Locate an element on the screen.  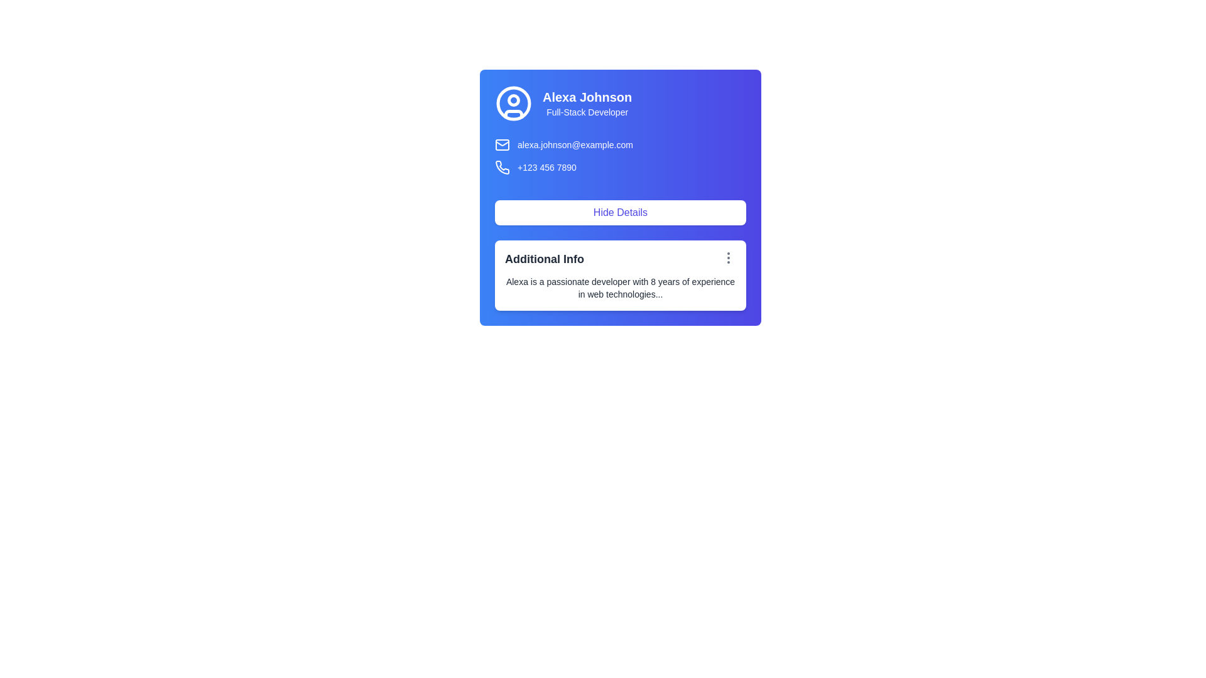
the mail icon, which is a white outline of an envelope on a blue background, located to the left of the email address 'alexa.johnson@example.com' in the contact information section of the profile card is located at coordinates (503, 144).